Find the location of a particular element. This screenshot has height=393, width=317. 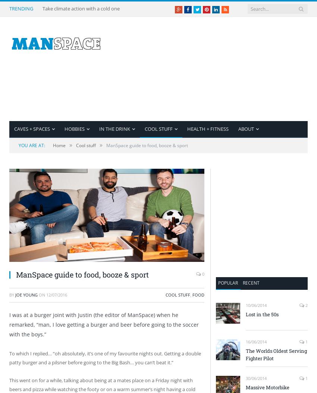

'on' is located at coordinates (42, 294).